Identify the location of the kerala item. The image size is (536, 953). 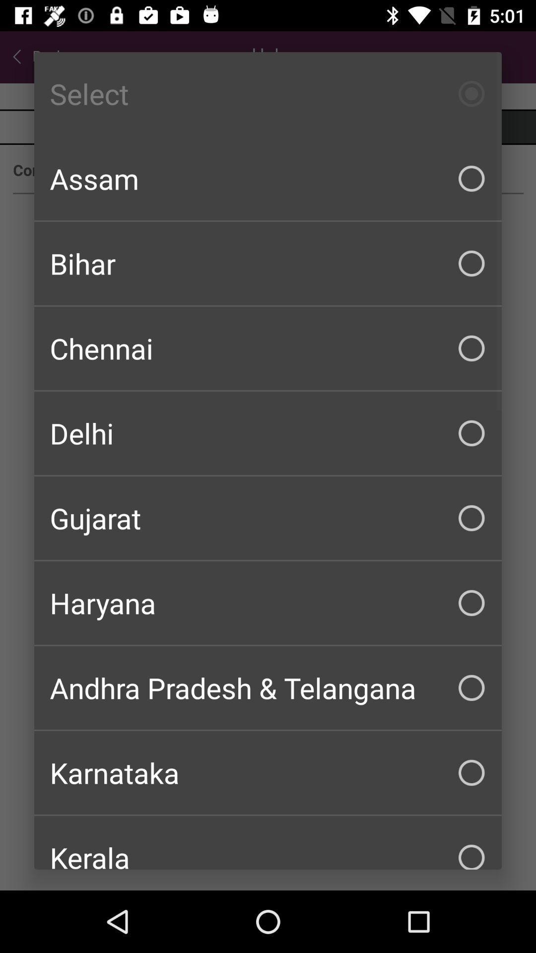
(268, 842).